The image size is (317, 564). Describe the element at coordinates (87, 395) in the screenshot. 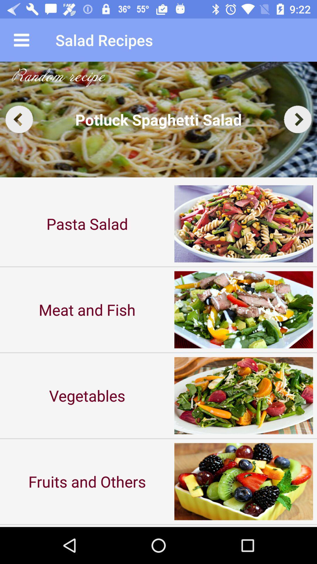

I see `the vegetables icon` at that location.